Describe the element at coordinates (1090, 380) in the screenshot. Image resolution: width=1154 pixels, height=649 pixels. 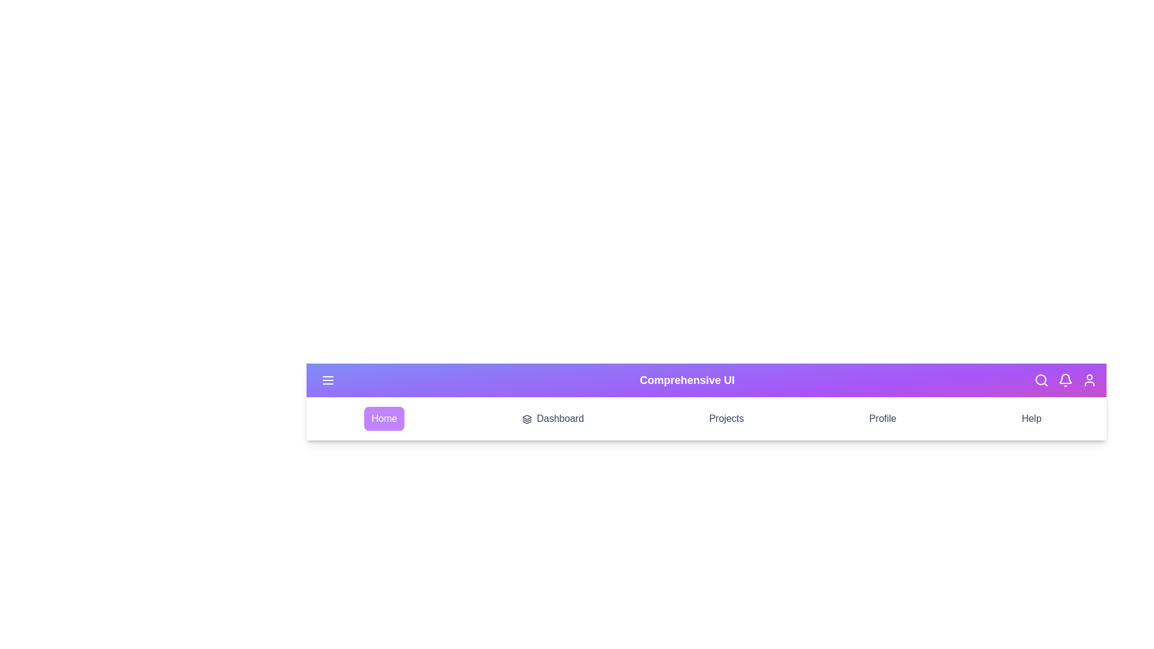
I see `the user profile icon located at the top right of the AppBar` at that location.